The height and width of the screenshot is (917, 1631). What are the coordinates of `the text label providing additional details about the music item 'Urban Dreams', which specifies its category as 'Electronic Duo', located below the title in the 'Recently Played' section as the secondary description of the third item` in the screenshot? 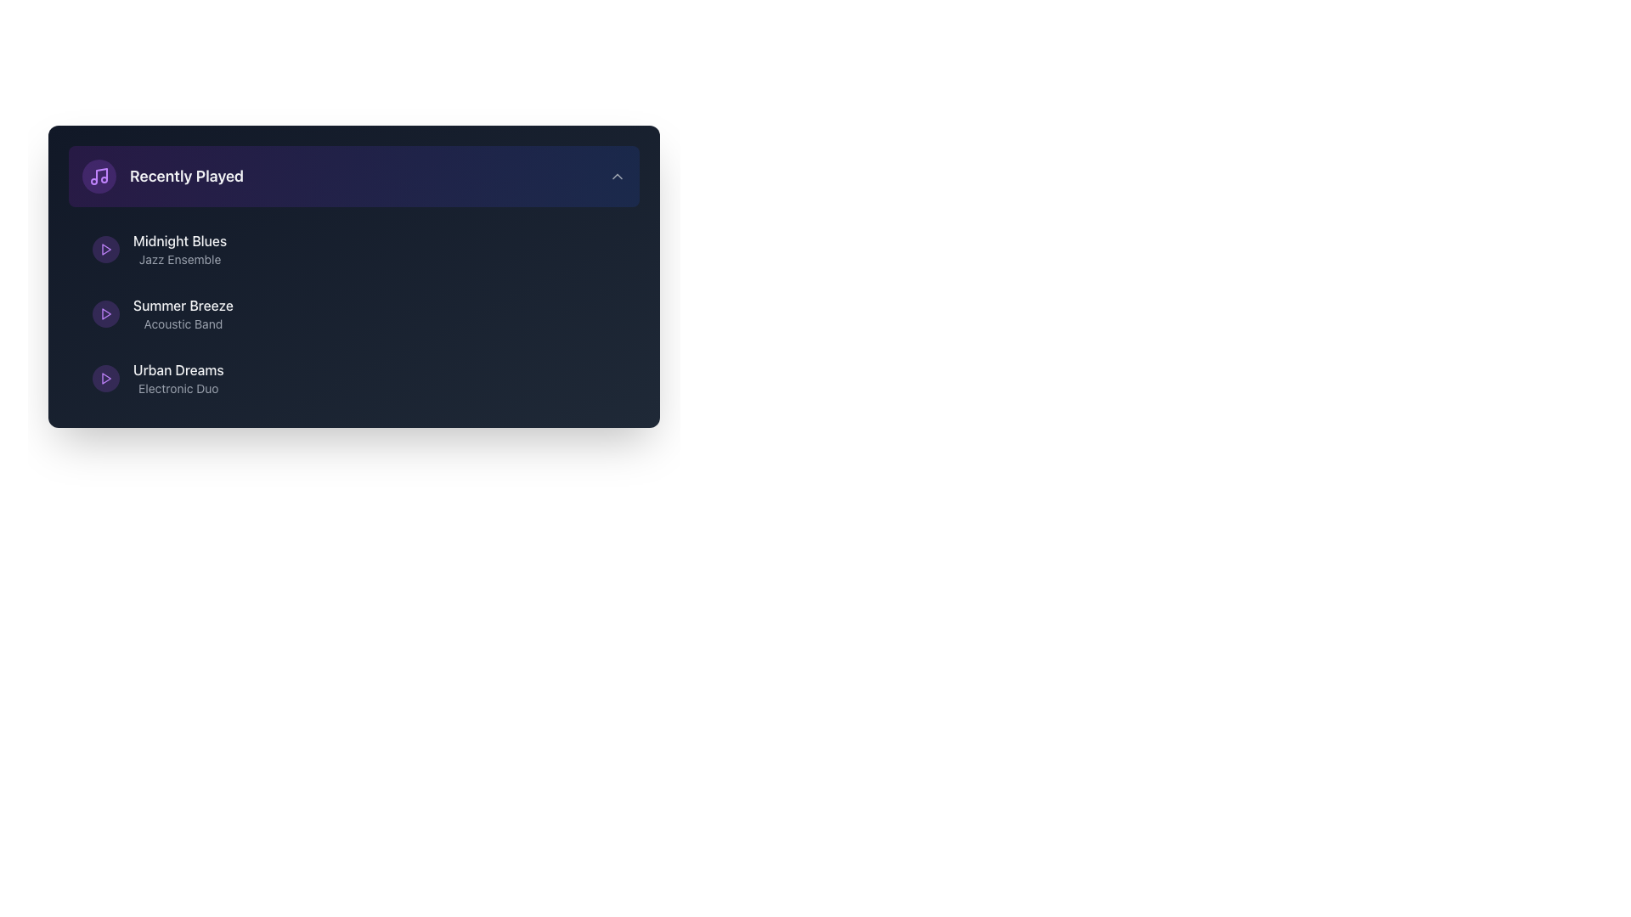 It's located at (178, 389).